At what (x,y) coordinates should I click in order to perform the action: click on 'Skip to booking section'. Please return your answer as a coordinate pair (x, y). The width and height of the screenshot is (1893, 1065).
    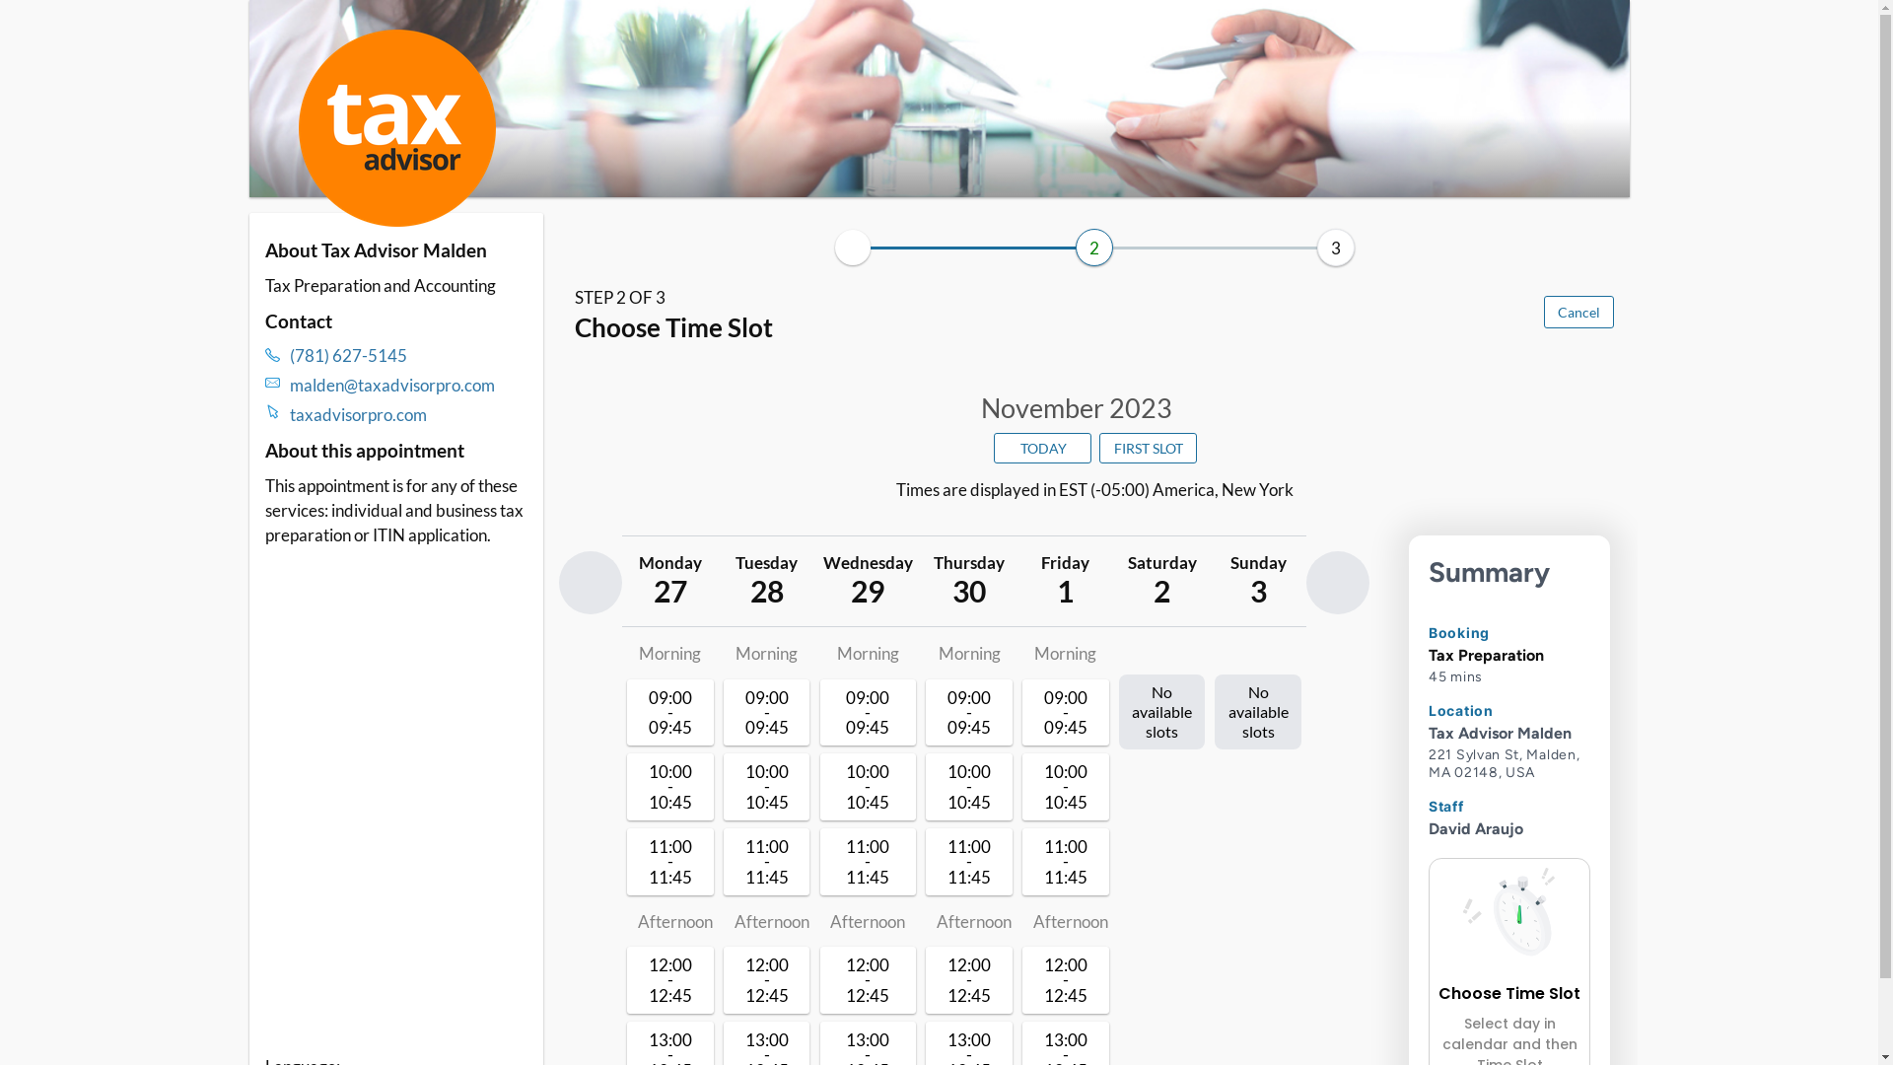
    Looking at the image, I should click on (364, 31).